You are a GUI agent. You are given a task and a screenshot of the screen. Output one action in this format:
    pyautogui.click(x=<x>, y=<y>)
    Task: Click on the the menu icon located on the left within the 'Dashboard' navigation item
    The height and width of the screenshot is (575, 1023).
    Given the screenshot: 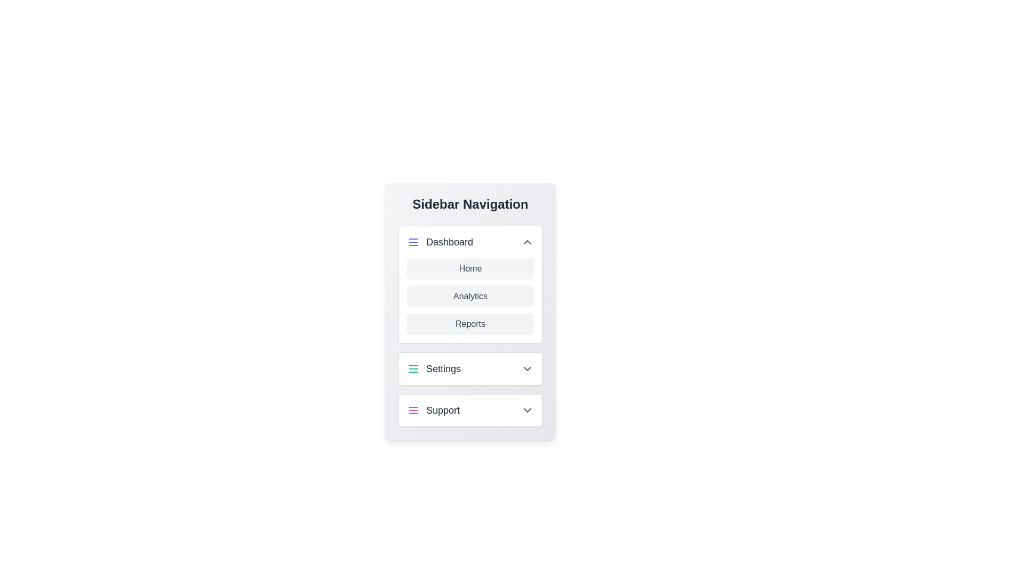 What is the action you would take?
    pyautogui.click(x=413, y=242)
    